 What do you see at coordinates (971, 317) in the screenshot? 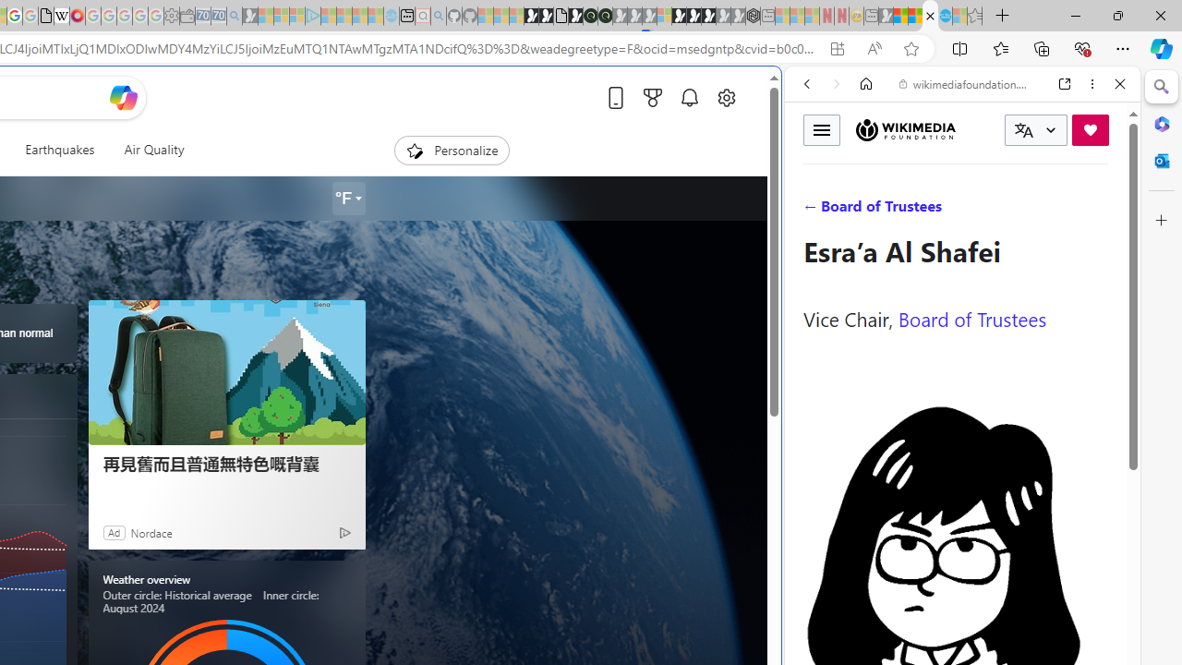
I see `'Board of Trustees'` at bounding box center [971, 317].